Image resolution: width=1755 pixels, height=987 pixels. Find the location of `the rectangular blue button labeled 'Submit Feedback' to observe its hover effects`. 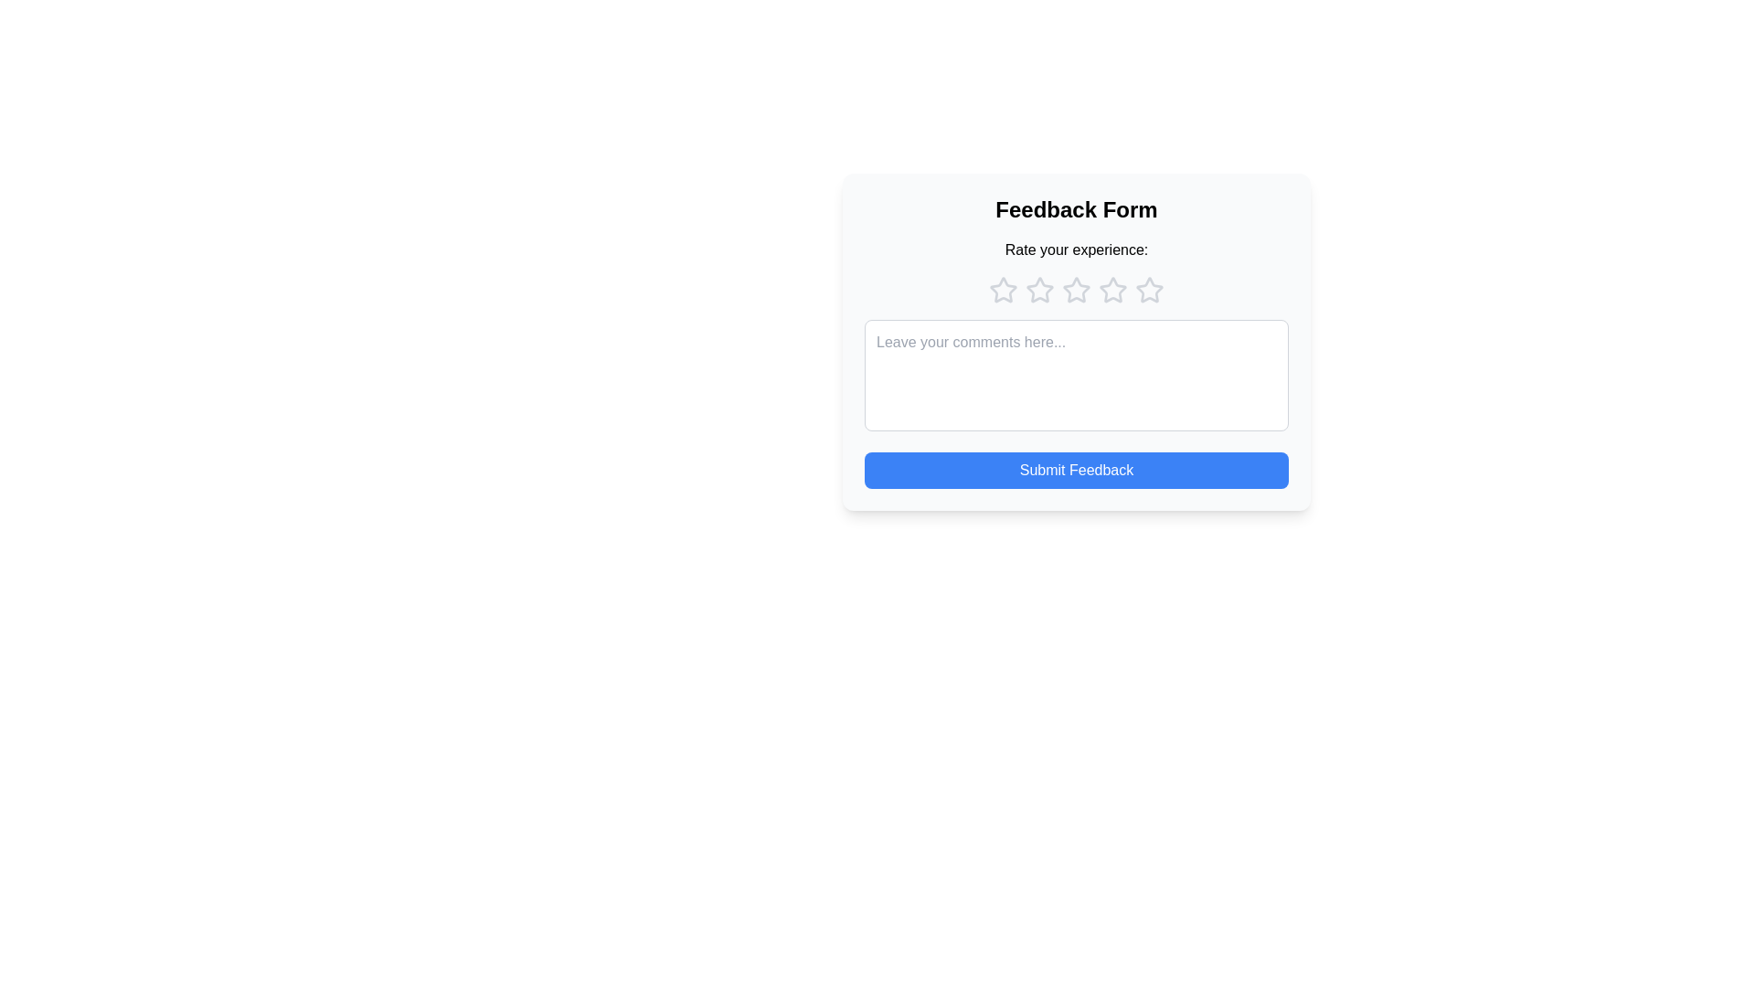

the rectangular blue button labeled 'Submit Feedback' to observe its hover effects is located at coordinates (1076, 470).